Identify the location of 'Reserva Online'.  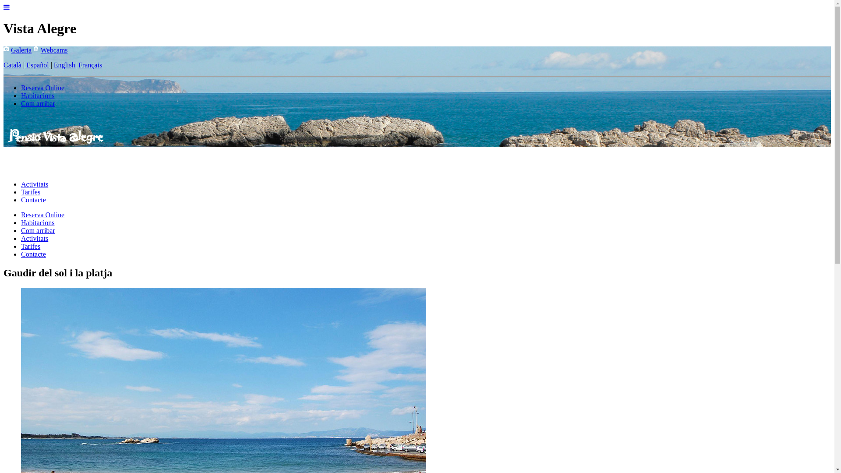
(21, 88).